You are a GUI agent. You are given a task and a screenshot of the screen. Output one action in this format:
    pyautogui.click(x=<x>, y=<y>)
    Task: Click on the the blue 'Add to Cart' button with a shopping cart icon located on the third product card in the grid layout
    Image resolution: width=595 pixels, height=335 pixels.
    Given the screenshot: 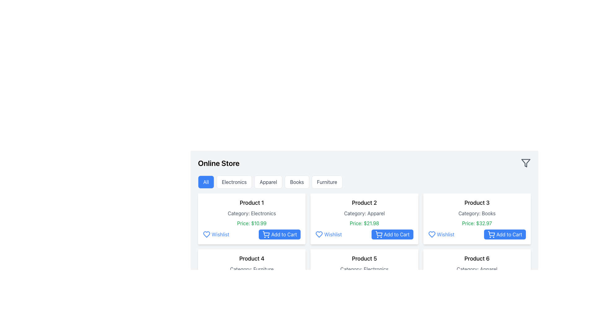 What is the action you would take?
    pyautogui.click(x=505, y=234)
    